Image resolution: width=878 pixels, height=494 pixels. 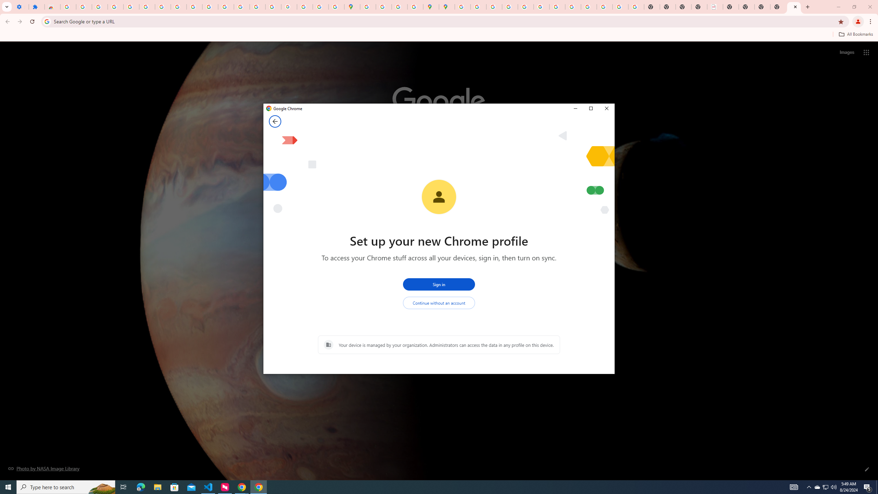 What do you see at coordinates (439, 303) in the screenshot?
I see `'Continue without an account'` at bounding box center [439, 303].